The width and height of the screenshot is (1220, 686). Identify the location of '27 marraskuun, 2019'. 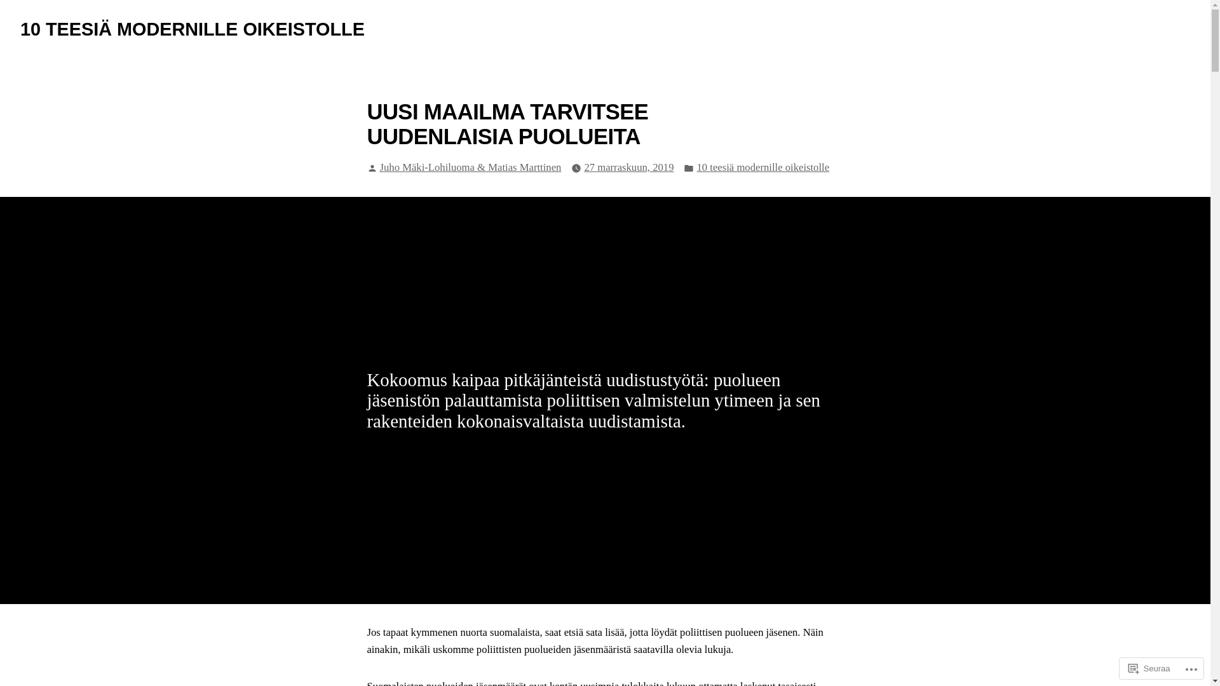
(628, 167).